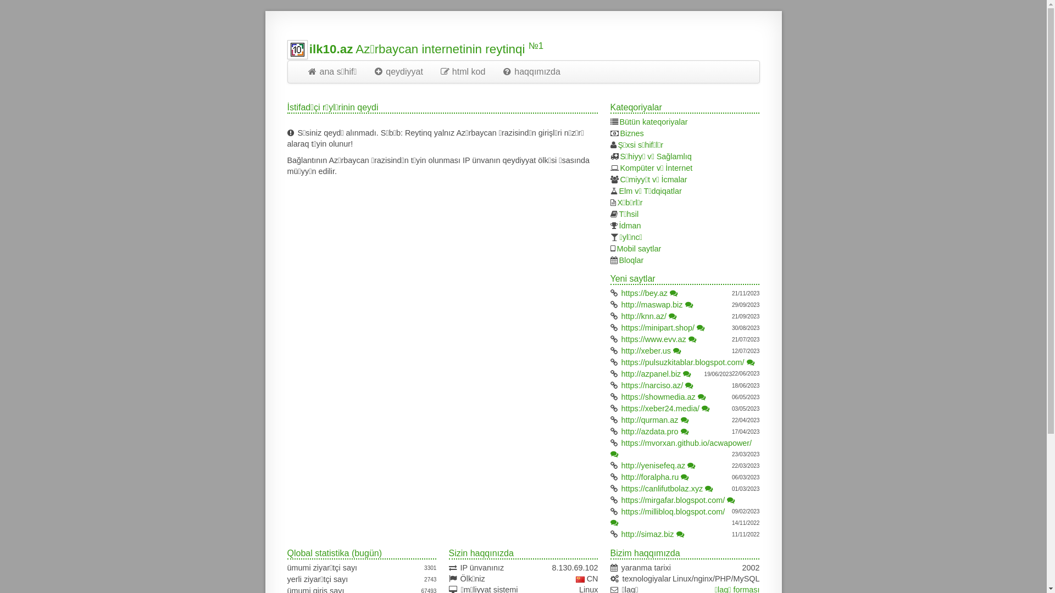 The height and width of the screenshot is (593, 1055). I want to click on 'Biznes', so click(632, 133).